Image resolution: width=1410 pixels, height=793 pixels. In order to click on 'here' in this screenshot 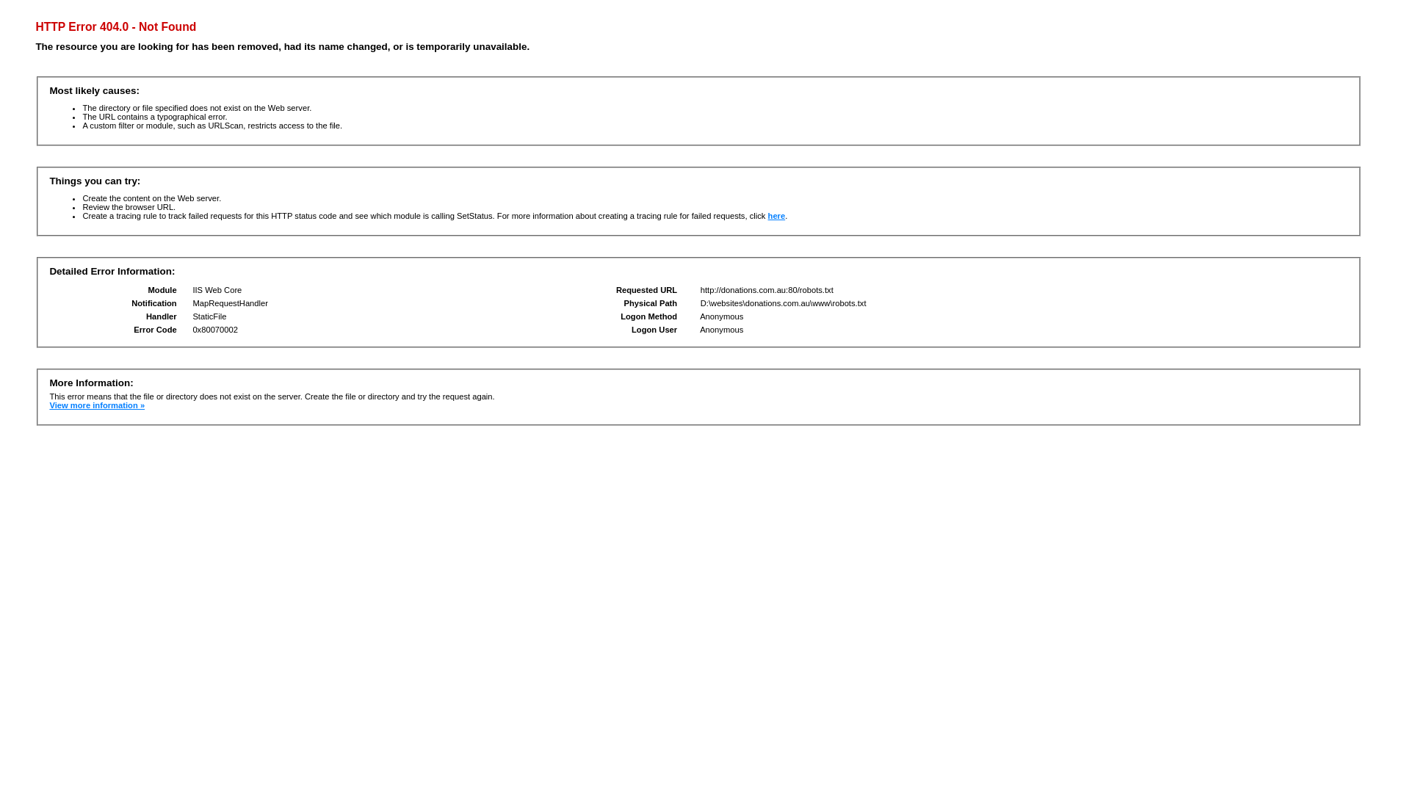, I will do `click(775, 215)`.